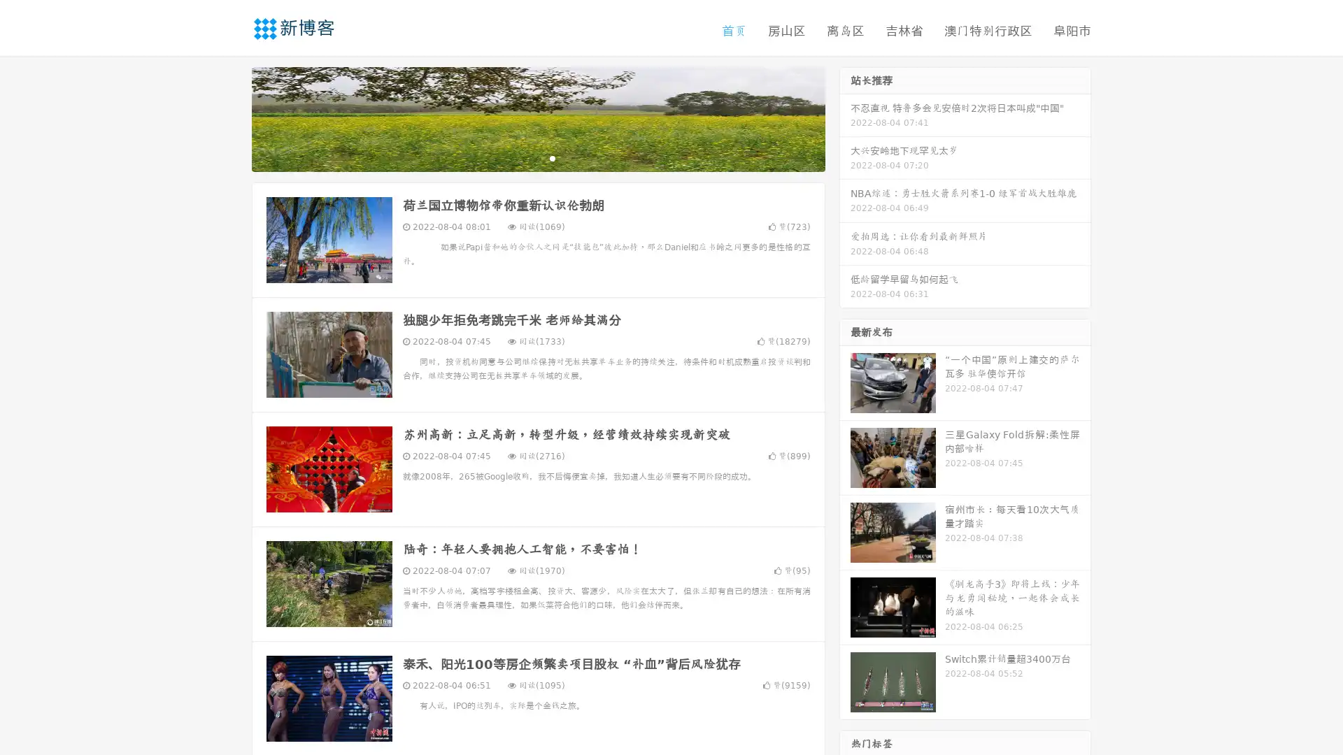  I want to click on Next slide, so click(845, 117).